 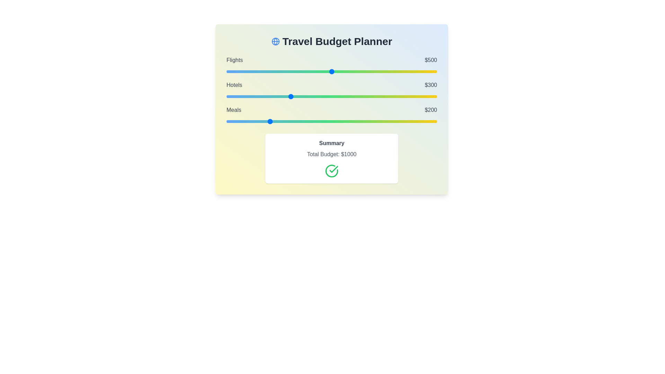 What do you see at coordinates (296, 72) in the screenshot?
I see `the 'Flights' budget slider to 333` at bounding box center [296, 72].